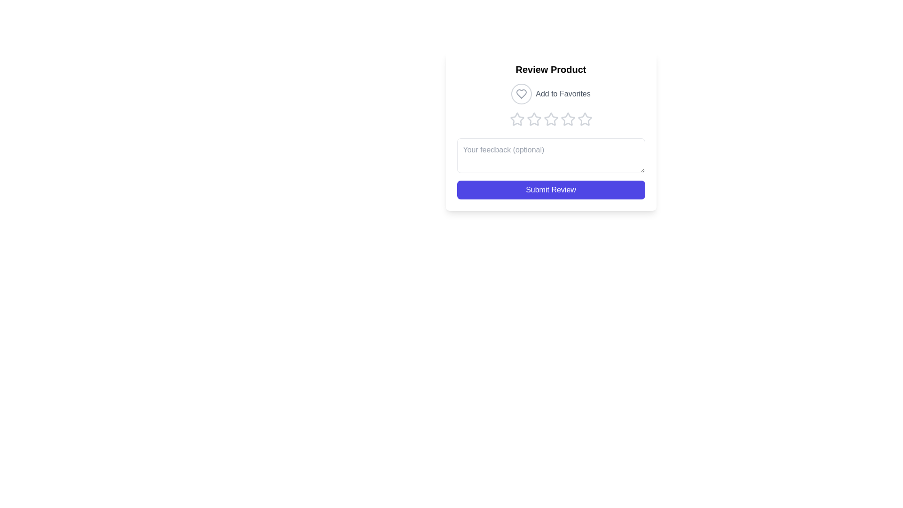  I want to click on the clickable star icon, which is the first star in a five-star rating group, located below the 'Add to Favorites' section within the 'Review Product' card, so click(516, 119).